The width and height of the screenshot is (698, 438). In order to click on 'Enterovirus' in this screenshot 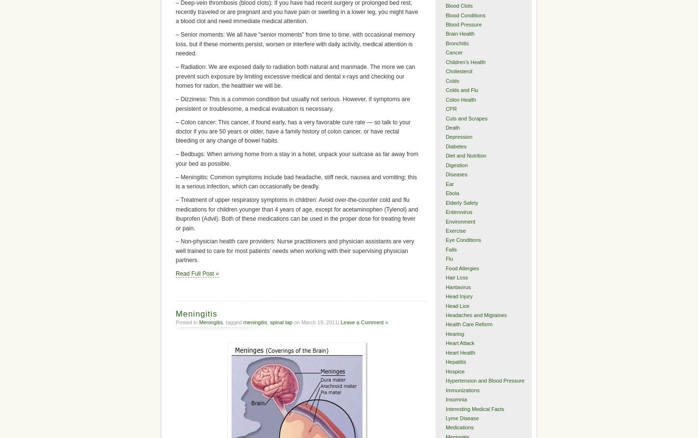, I will do `click(458, 211)`.